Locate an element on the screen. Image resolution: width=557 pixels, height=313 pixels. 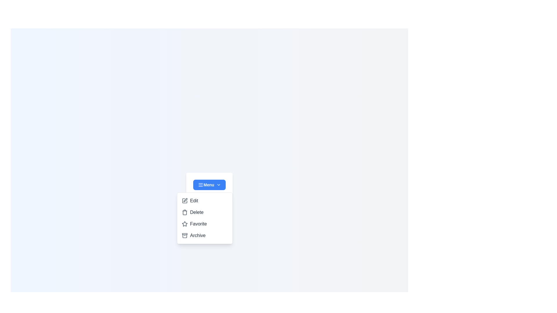
the dropdown menu button to toggle its state is located at coordinates (209, 185).